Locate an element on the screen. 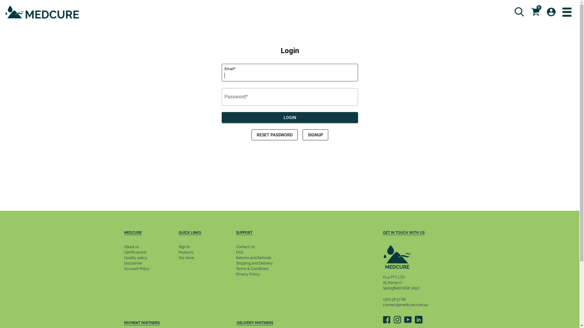  'Log in' is located at coordinates (543, 12).